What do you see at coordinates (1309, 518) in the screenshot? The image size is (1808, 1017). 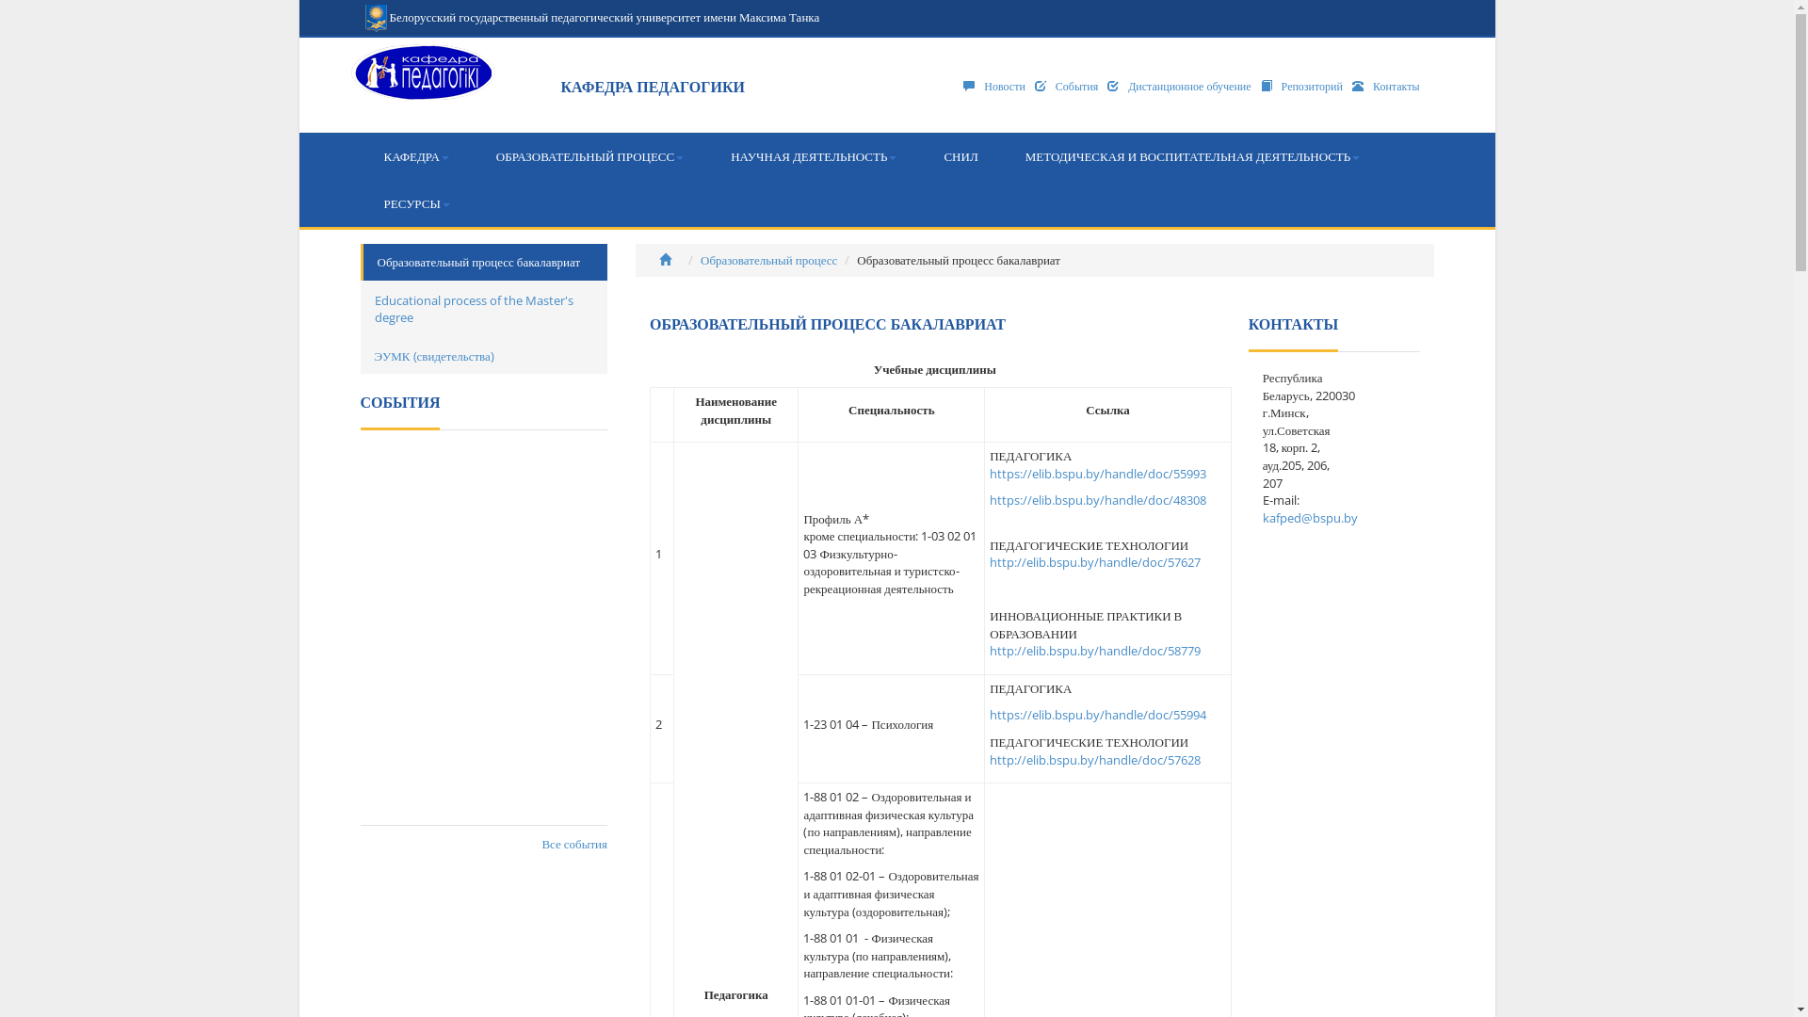 I see `'kafped@bspu.by'` at bounding box center [1309, 518].